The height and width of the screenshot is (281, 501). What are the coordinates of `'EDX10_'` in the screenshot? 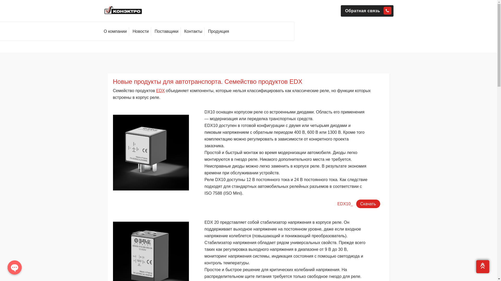 It's located at (345, 203).